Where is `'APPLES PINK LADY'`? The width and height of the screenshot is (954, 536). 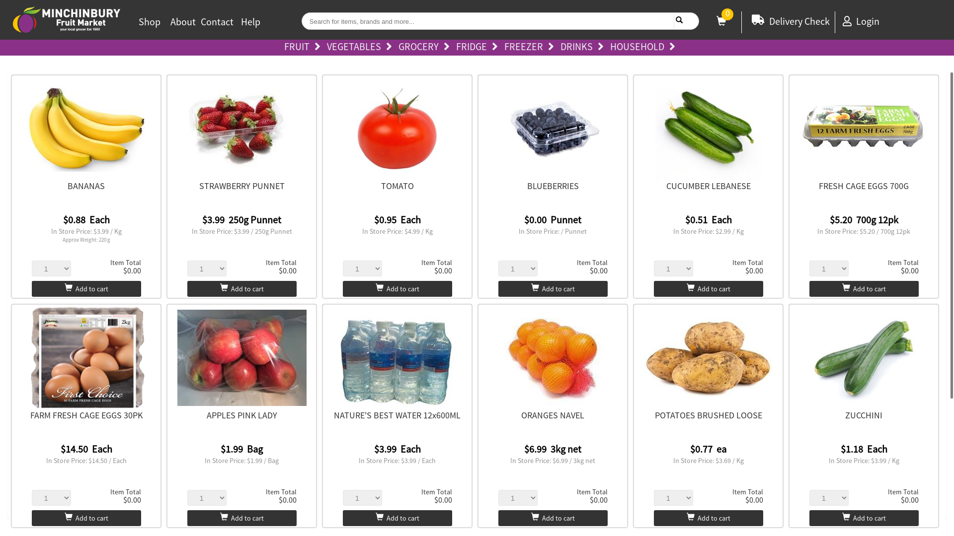 'APPLES PINK LADY' is located at coordinates (241, 415).